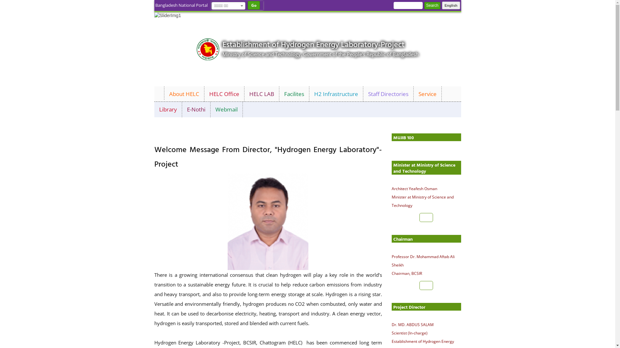 The width and height of the screenshot is (620, 348). Describe the element at coordinates (224, 94) in the screenshot. I see `'HELC Office'` at that location.